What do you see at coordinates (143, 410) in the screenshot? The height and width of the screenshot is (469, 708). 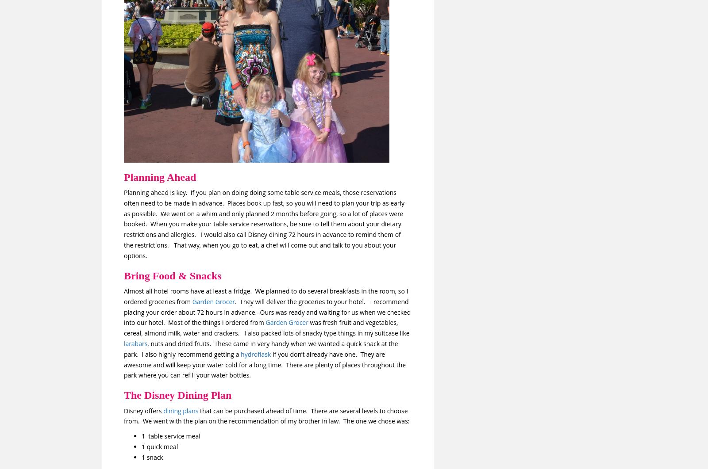 I see `'Disney offers'` at bounding box center [143, 410].